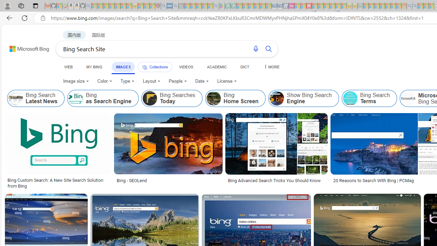  I want to click on 'Bing Search Latest News', so click(36, 98).